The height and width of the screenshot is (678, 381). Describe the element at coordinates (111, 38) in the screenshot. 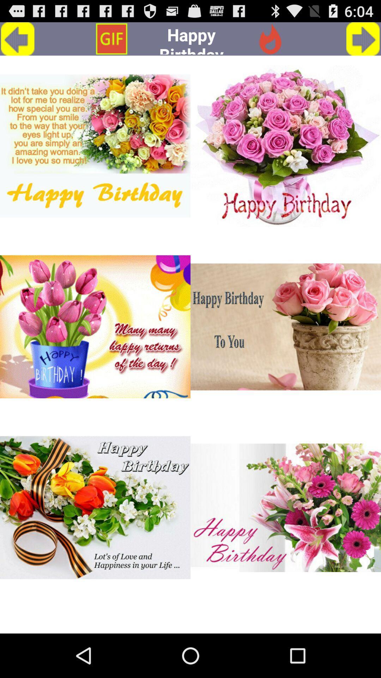

I see `the option which is above first image` at that location.